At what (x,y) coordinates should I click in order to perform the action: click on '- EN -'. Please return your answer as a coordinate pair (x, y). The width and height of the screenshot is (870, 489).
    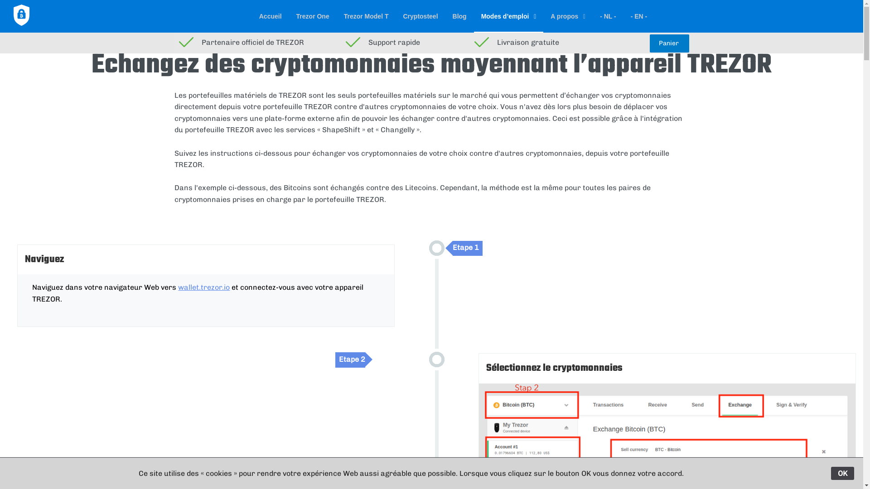
    Looking at the image, I should click on (638, 16).